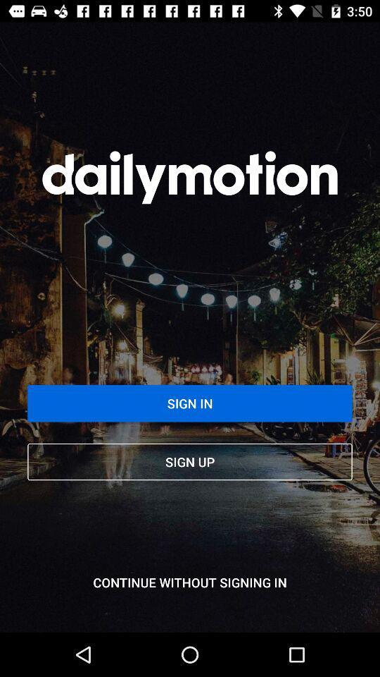 This screenshot has width=380, height=677. I want to click on the continue without signing item, so click(190, 583).